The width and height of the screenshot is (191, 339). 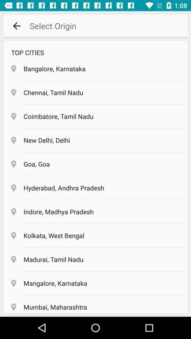 I want to click on the location icon on the bottom left corner of the web page, so click(x=13, y=307).